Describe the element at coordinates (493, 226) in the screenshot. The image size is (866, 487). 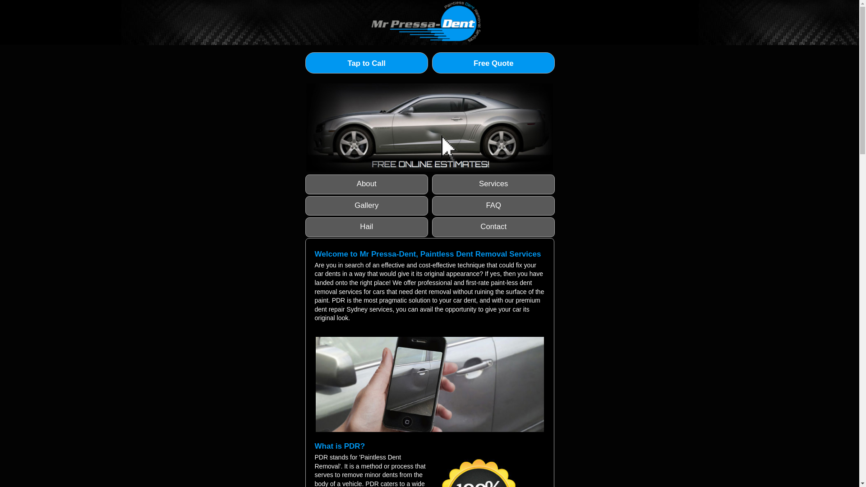
I see `'Contact'` at that location.